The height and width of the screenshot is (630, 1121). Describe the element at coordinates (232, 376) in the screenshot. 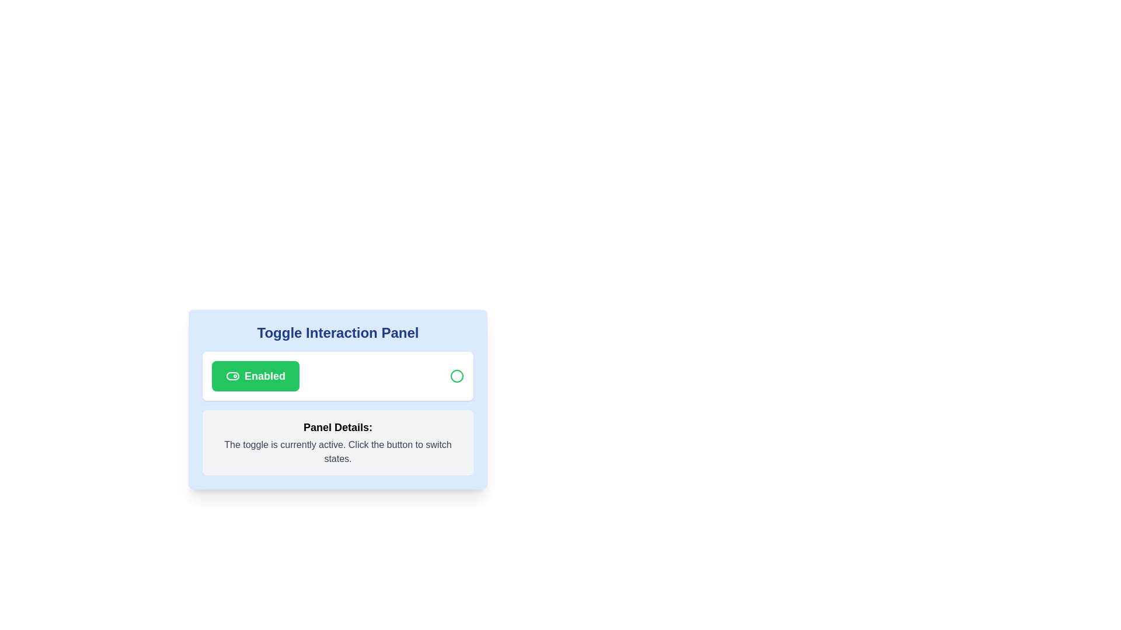

I see `the interactive toggle switch background located at the upper-right corner of the main content area, below the 'Toggle Interaction Panel' title` at that location.